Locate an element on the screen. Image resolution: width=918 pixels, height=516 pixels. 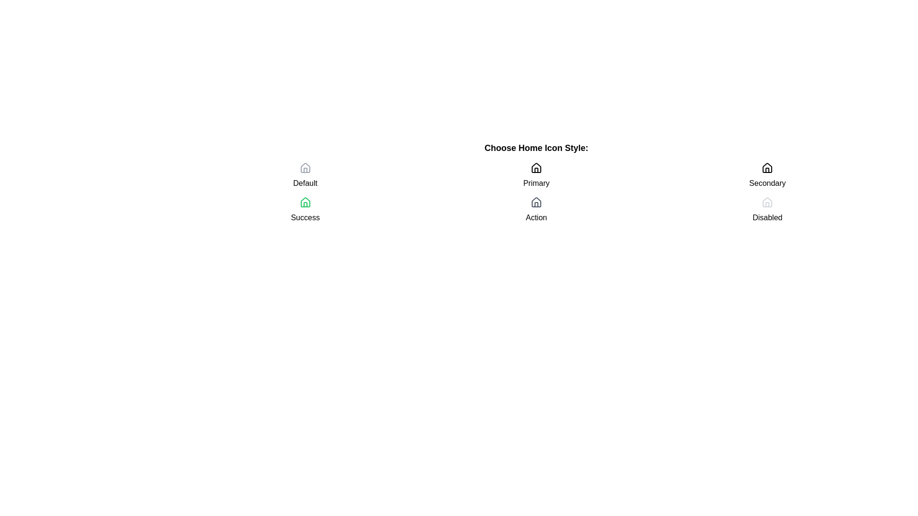
the selectable style option for the primary home icon, which is the second item in the top row of the grid under 'Choose Home Icon Style' is located at coordinates (536, 175).